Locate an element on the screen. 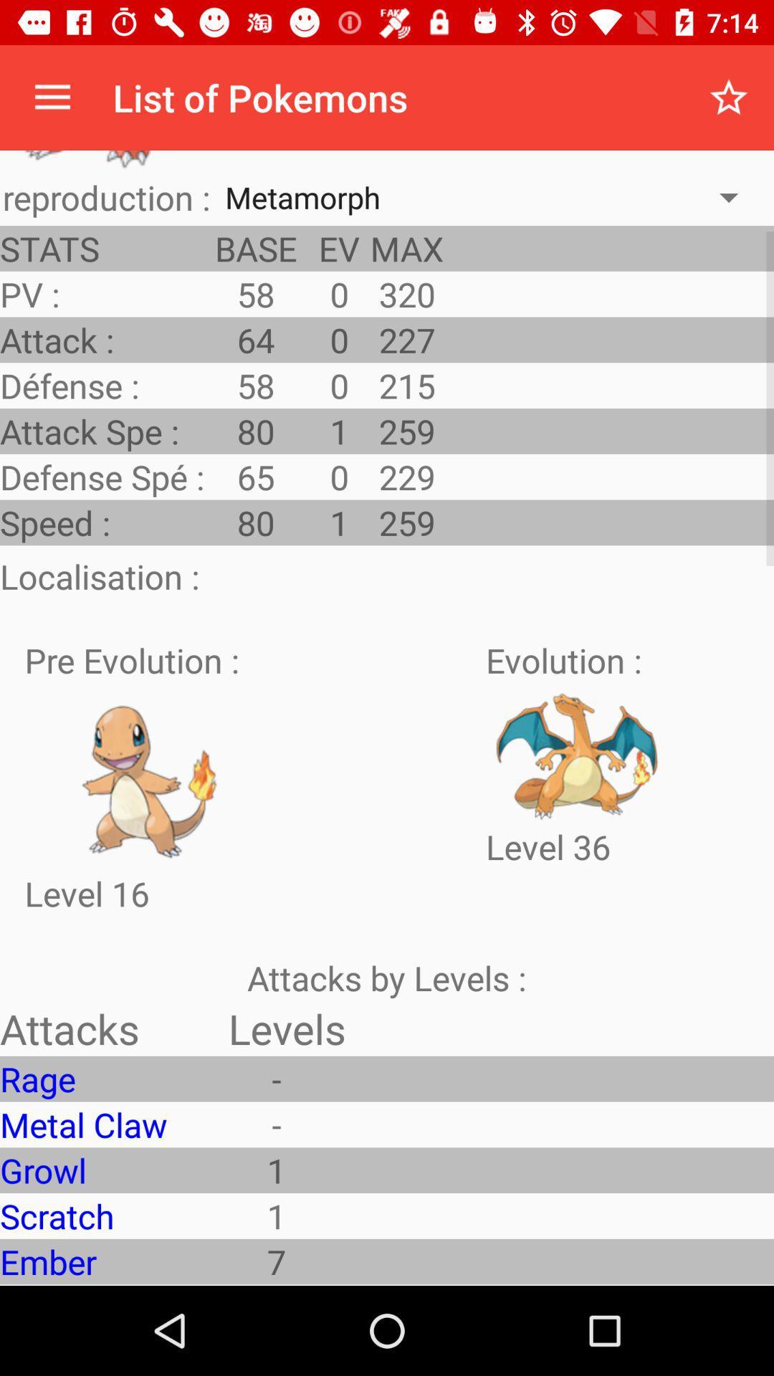 This screenshot has width=774, height=1376. pre evolution is located at coordinates (151, 776).